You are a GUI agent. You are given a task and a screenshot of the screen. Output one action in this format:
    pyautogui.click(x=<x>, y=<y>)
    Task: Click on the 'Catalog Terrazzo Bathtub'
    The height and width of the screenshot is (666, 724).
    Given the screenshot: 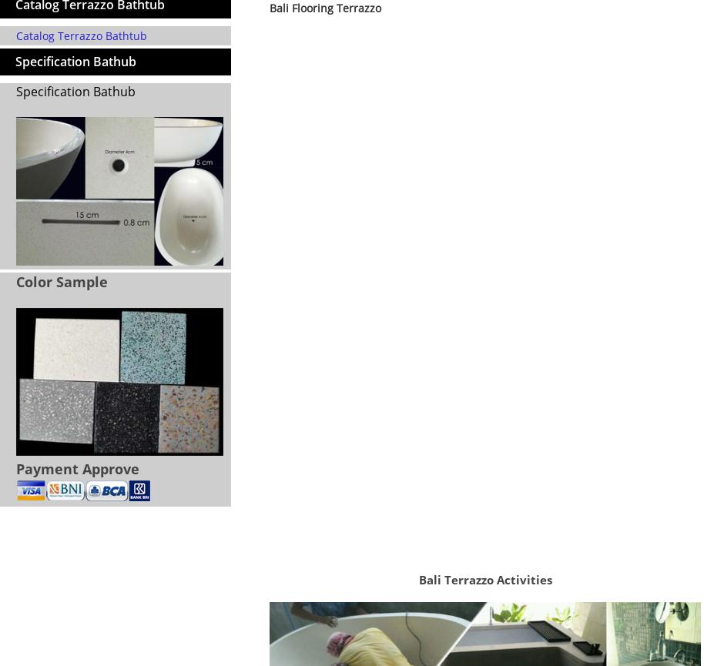 What is the action you would take?
    pyautogui.click(x=82, y=35)
    